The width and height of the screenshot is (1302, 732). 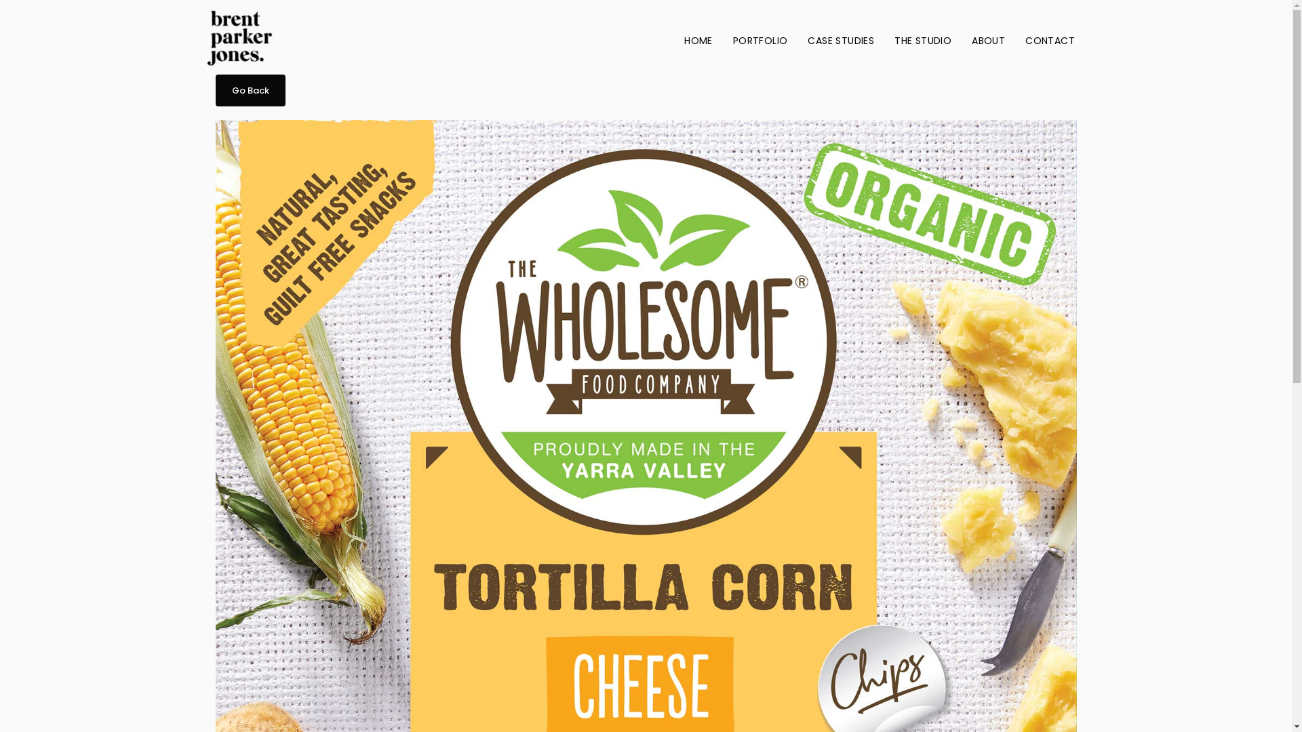 I want to click on 'Go Back', so click(x=250, y=90).